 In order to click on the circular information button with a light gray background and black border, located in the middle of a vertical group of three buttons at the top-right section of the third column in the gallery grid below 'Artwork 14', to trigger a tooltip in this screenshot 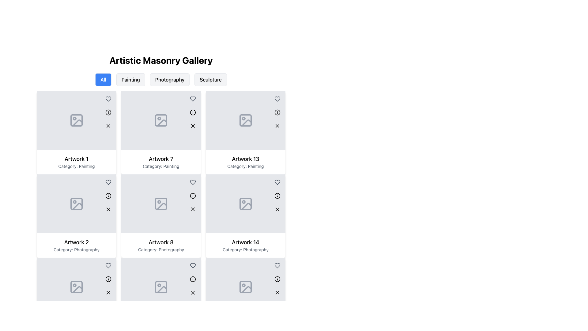, I will do `click(277, 279)`.